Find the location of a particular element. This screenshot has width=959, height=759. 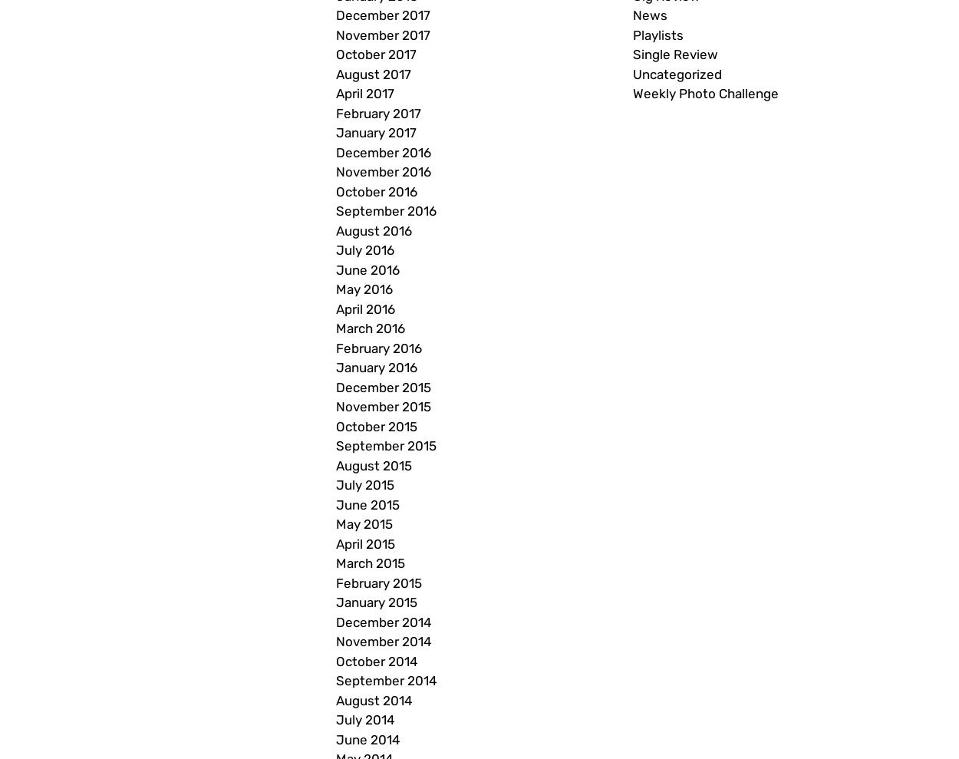

'December 2015' is located at coordinates (335, 386).